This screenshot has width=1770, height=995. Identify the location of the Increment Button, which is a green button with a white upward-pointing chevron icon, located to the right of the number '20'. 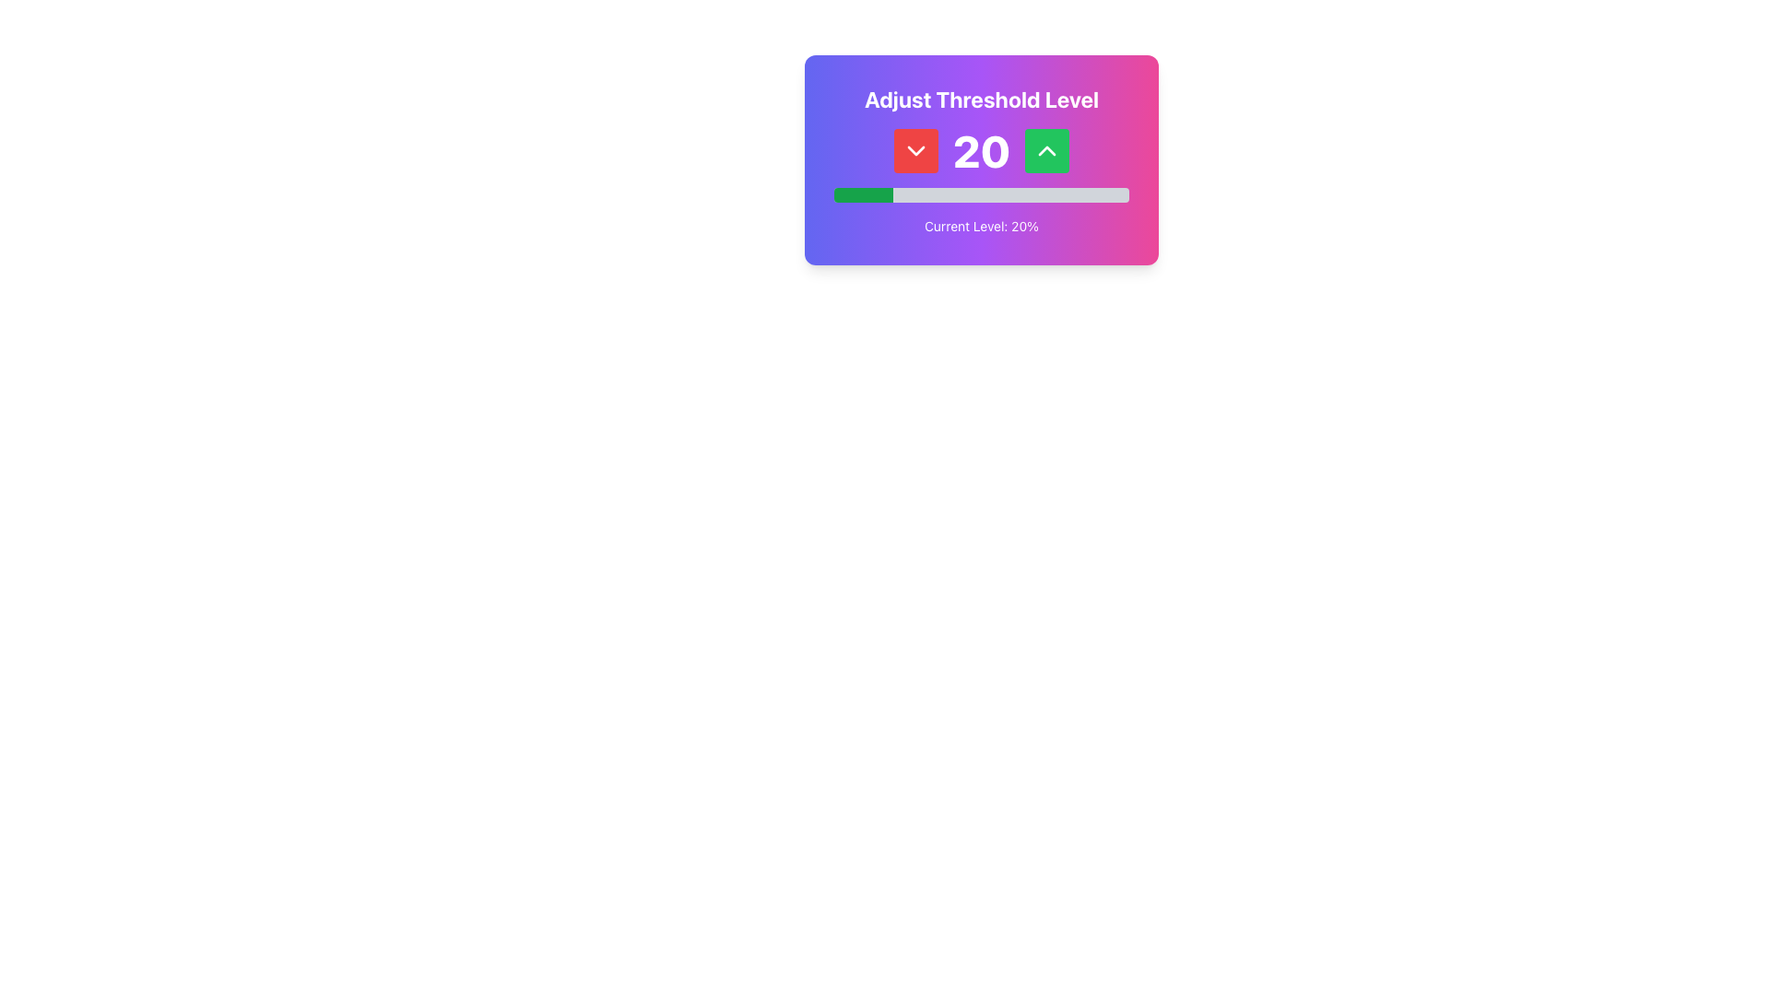
(1047, 150).